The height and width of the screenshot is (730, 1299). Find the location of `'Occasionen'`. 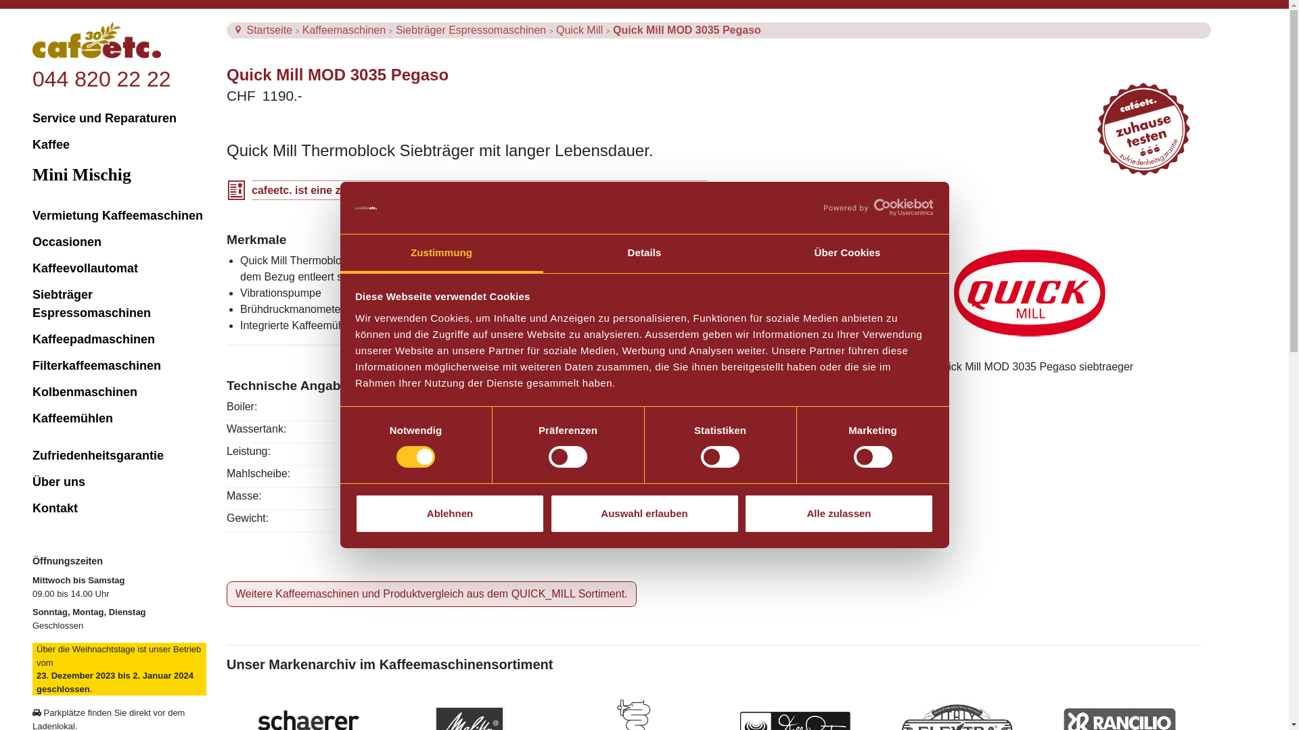

'Occasionen' is located at coordinates (119, 241).